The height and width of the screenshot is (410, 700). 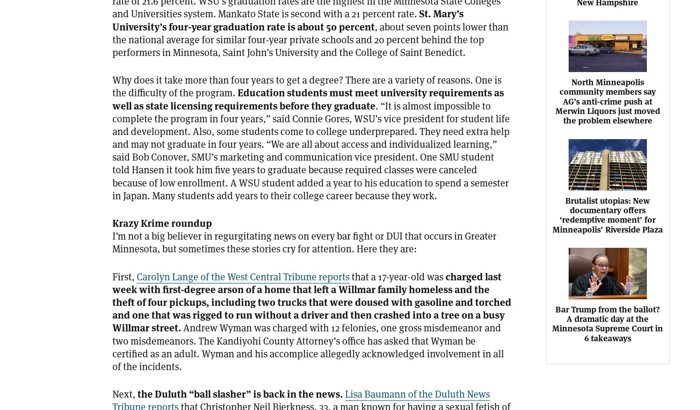 I want to click on 'Carolyn Lange of the West Central Tribune reports', so click(x=243, y=276).